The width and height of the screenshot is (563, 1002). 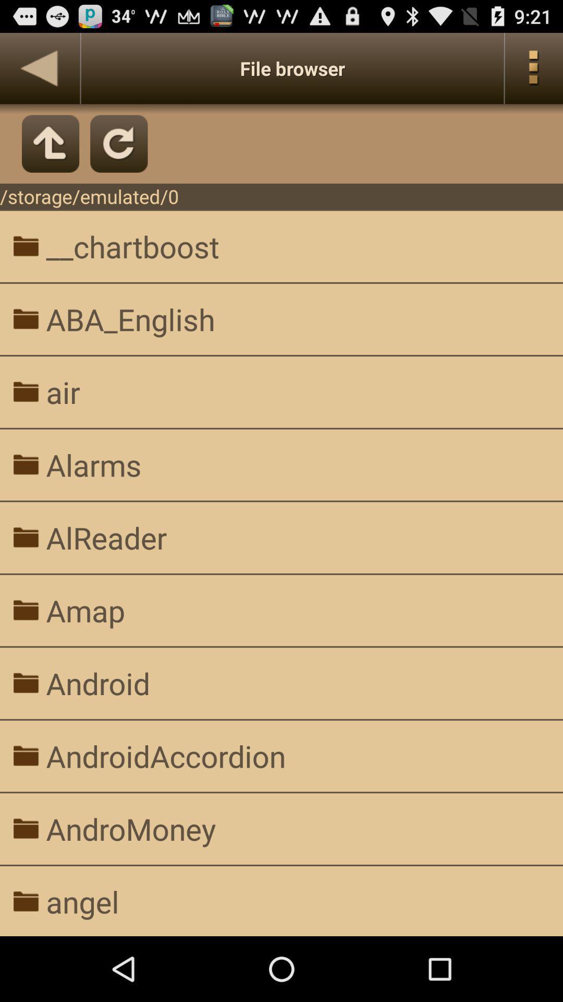 What do you see at coordinates (51, 153) in the screenshot?
I see `the arrow_upward icon` at bounding box center [51, 153].